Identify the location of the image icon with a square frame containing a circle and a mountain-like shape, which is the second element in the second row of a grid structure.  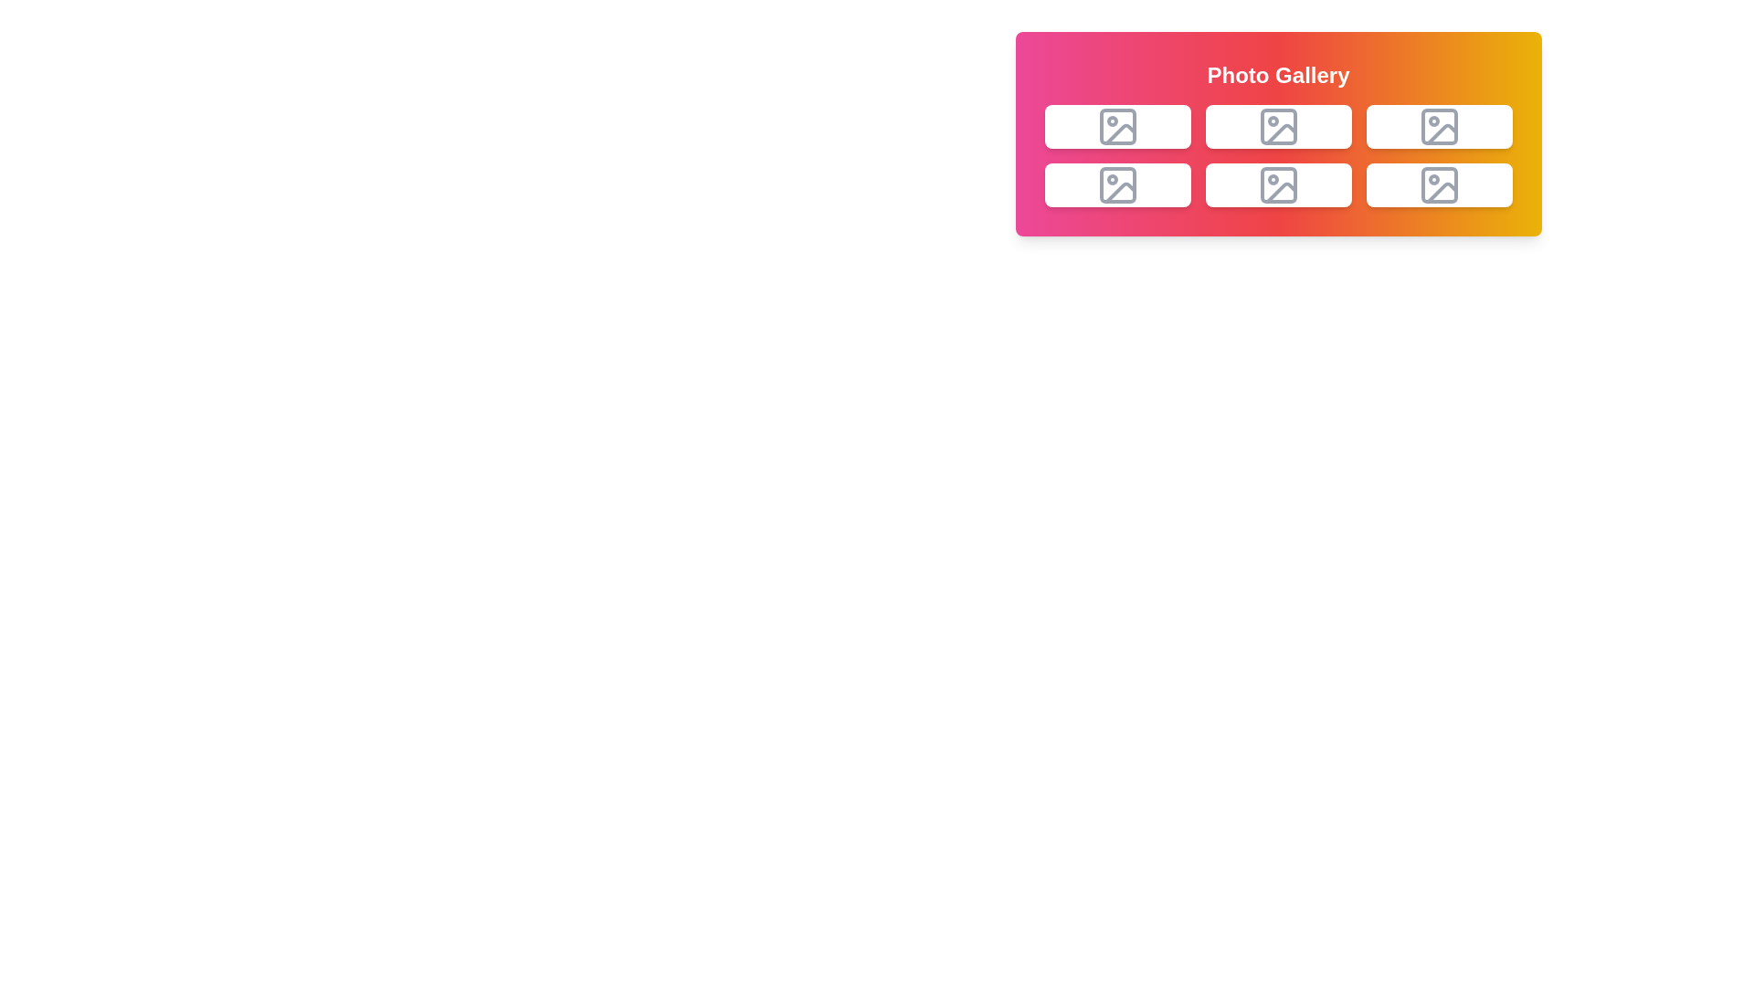
(1116, 185).